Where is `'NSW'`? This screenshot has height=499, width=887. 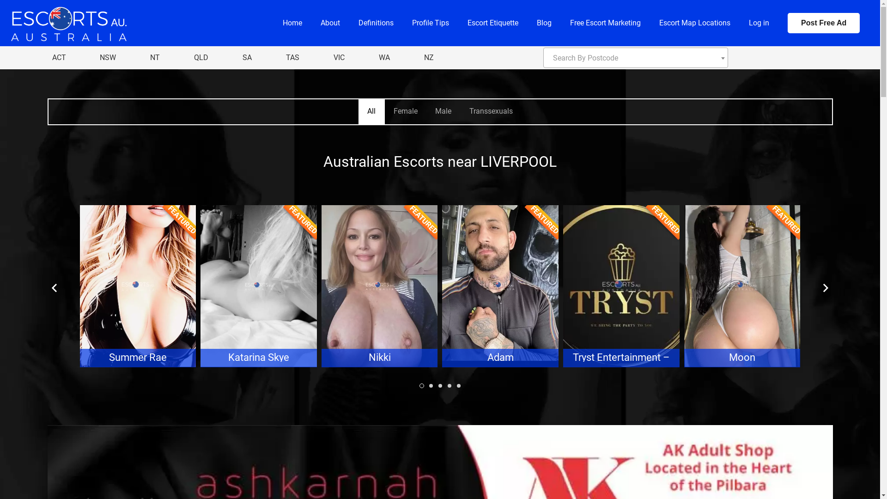
'NSW' is located at coordinates (95, 57).